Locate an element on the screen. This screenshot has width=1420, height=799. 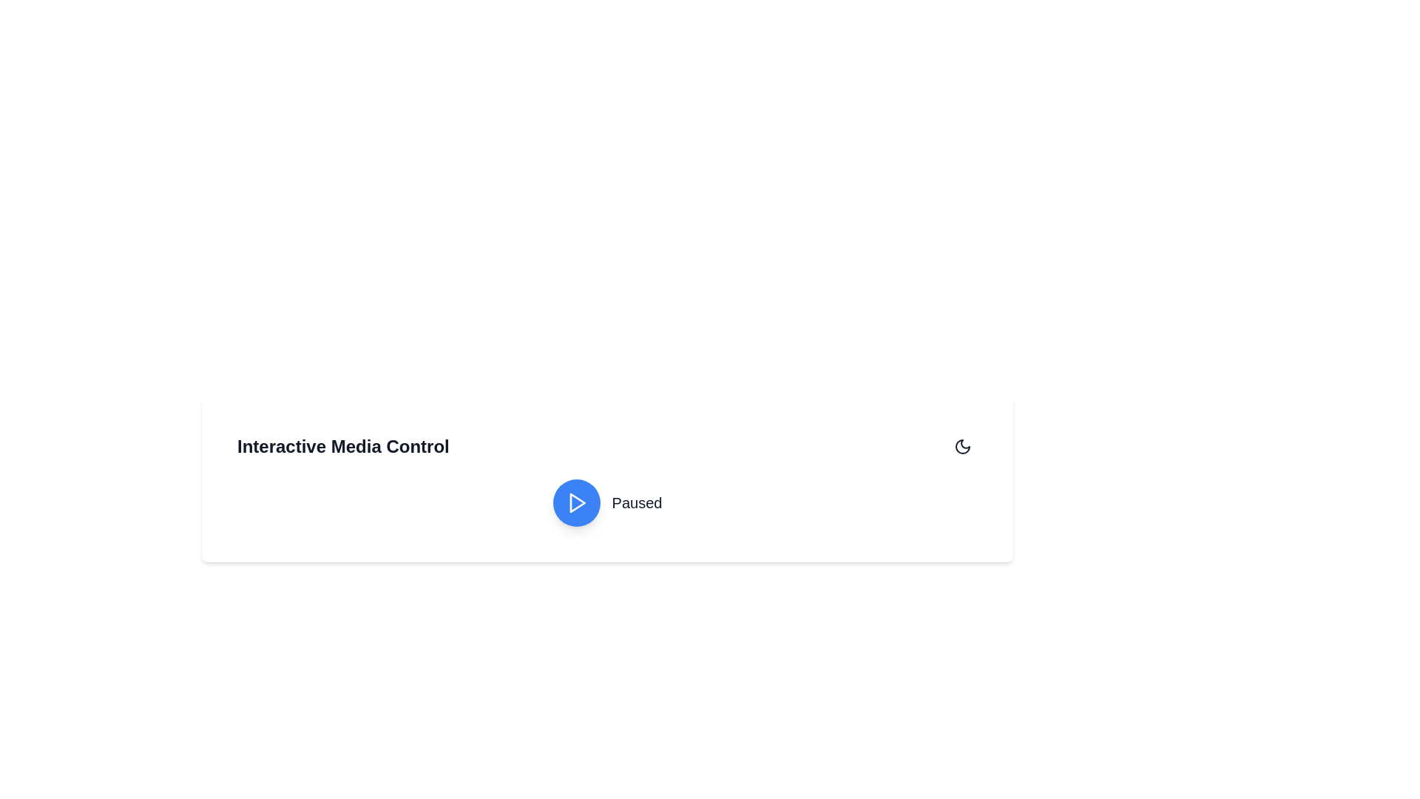
the circular play button with a vibrant blue background and a white play icon is located at coordinates (575, 502).